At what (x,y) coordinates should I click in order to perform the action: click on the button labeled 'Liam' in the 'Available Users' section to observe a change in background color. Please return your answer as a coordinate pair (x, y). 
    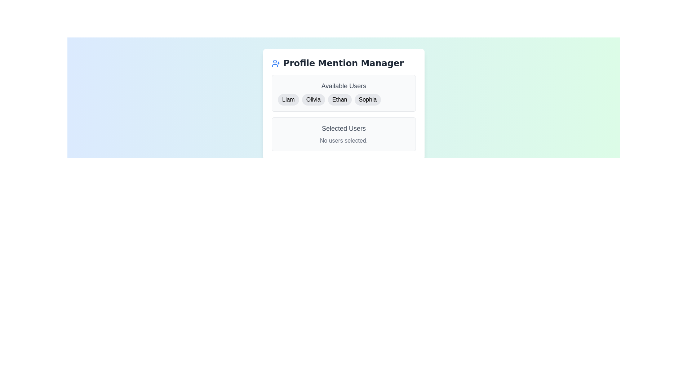
    Looking at the image, I should click on (288, 100).